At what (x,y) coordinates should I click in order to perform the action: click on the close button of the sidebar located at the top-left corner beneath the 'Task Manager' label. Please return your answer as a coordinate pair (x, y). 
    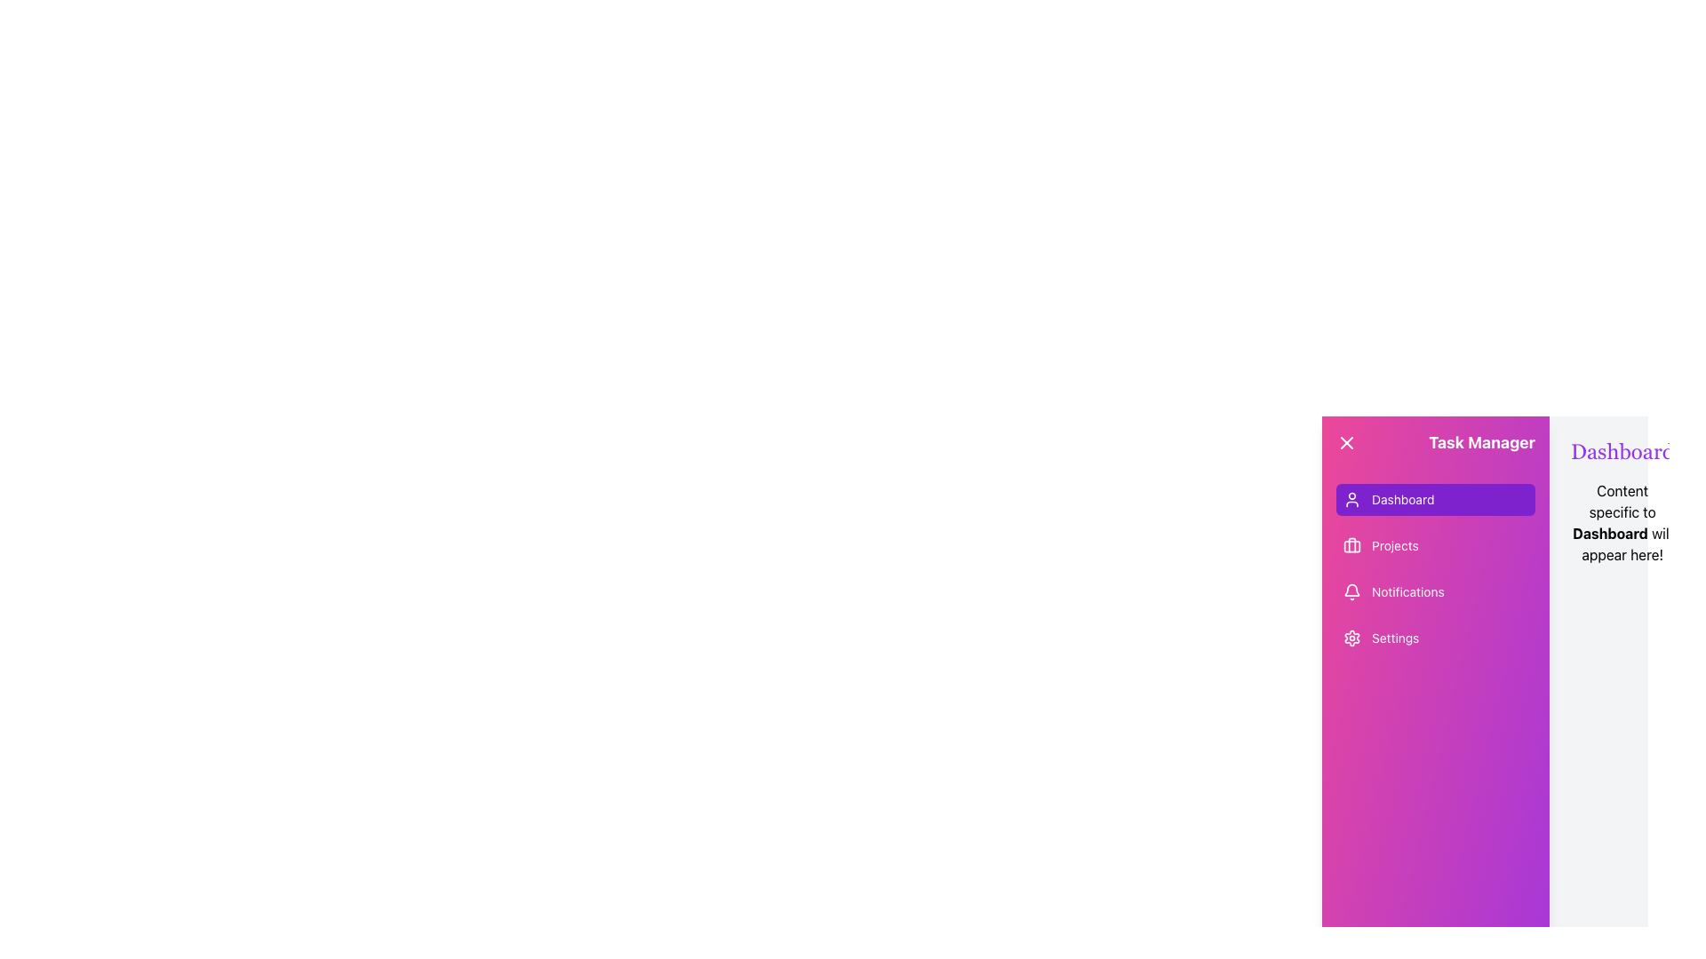
    Looking at the image, I should click on (1347, 441).